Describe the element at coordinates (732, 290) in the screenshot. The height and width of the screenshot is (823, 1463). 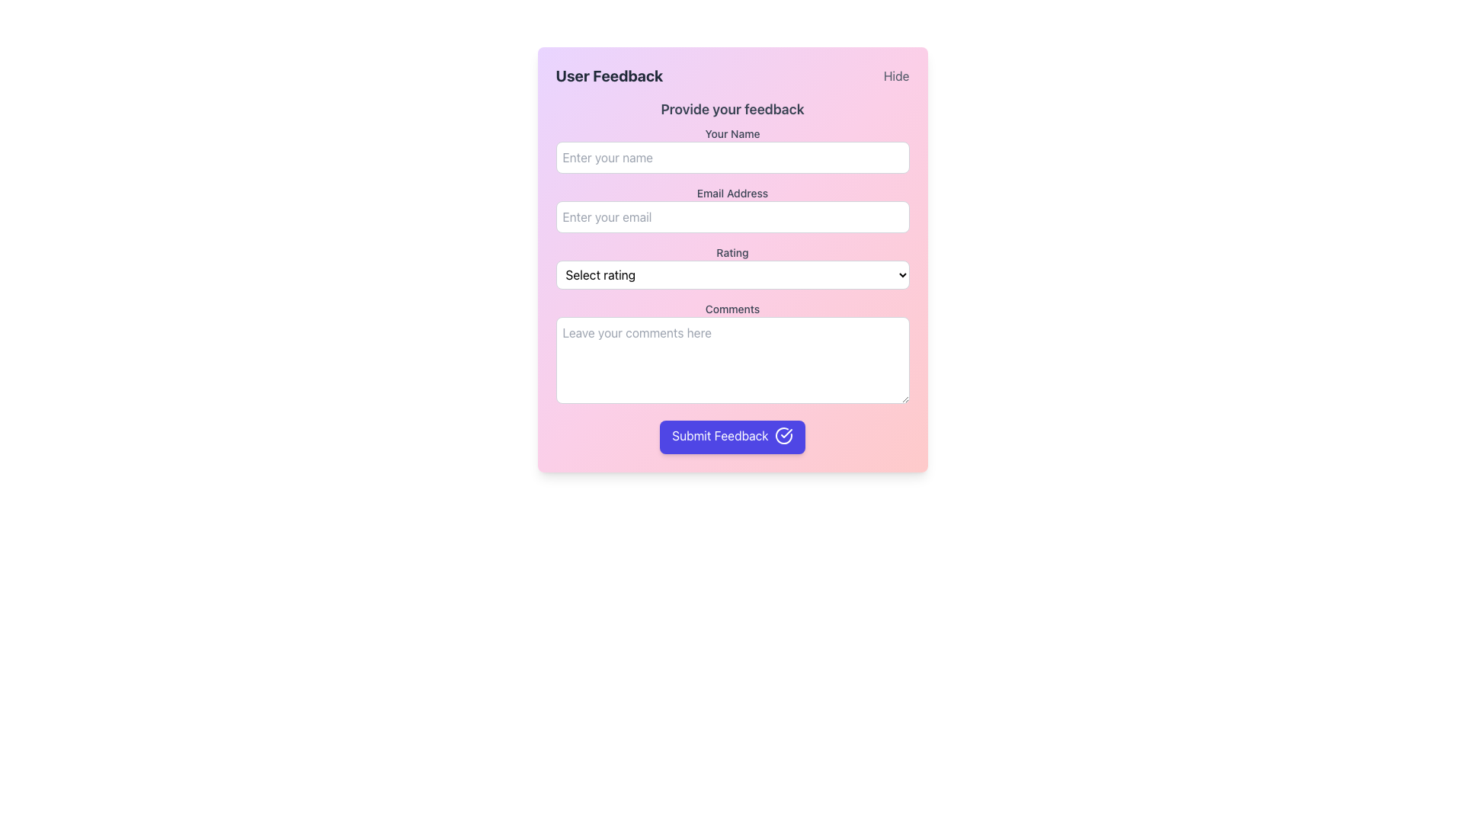
I see `the group of input elements, which includes fields for 'Your Name', 'Email Address', and 'Rating', to interact with its sub-elements` at that location.